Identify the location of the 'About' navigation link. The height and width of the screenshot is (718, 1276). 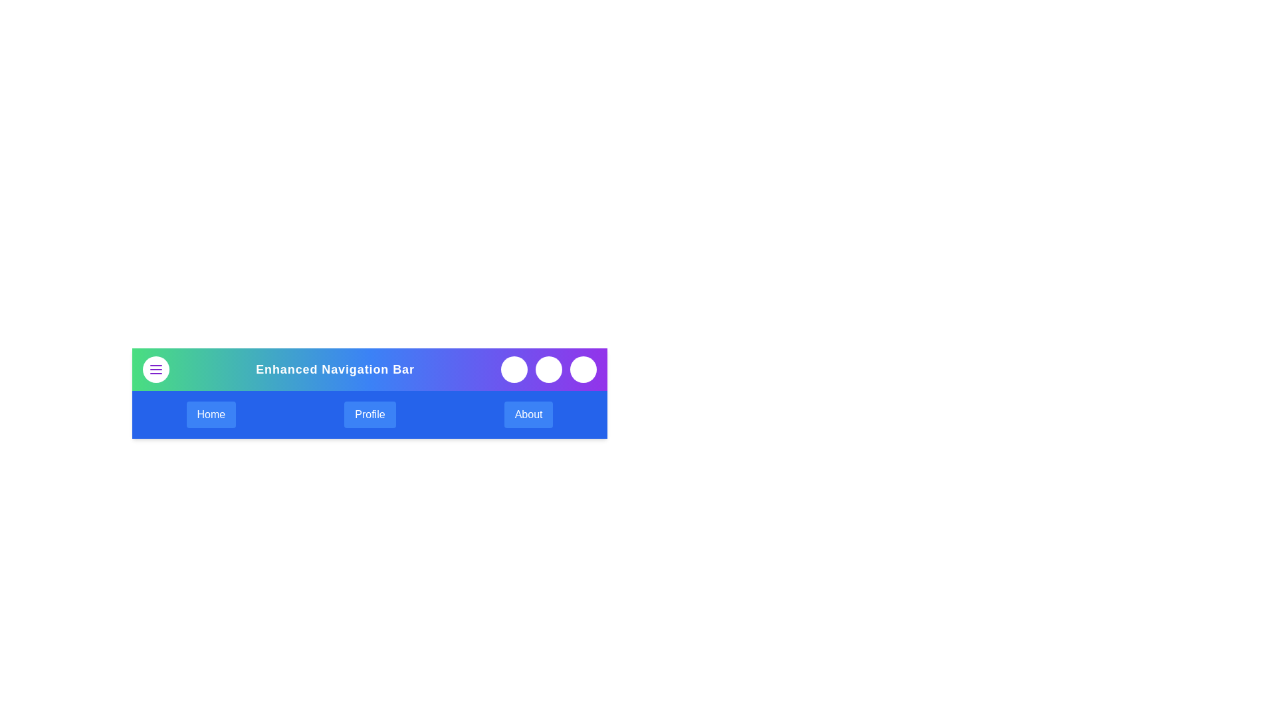
(528, 414).